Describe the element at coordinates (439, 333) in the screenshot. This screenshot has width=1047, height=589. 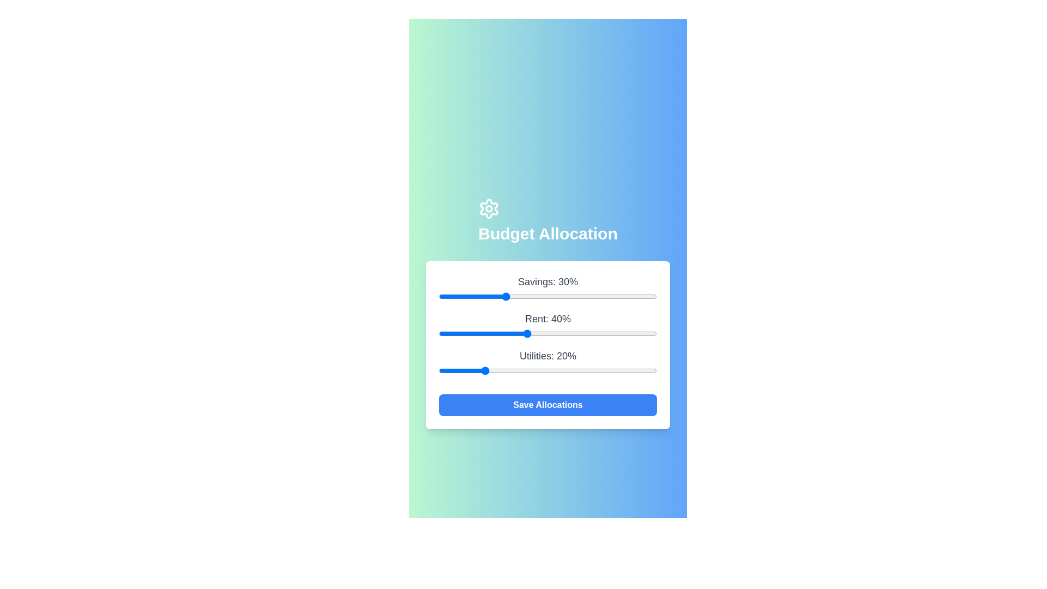
I see `the 'Rent' slider to 0%` at that location.